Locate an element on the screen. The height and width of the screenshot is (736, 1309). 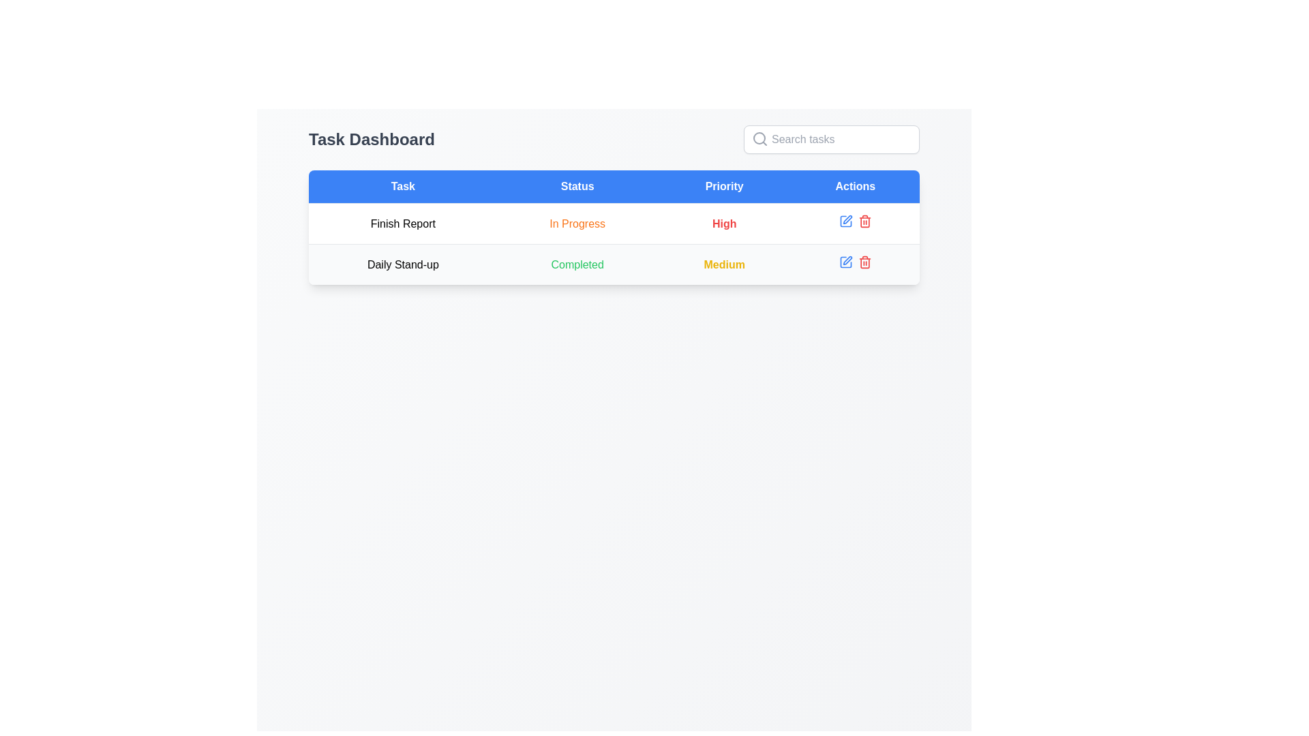
the trash icon located in the 'Actions' column of the second row in the task table is located at coordinates (864, 263).